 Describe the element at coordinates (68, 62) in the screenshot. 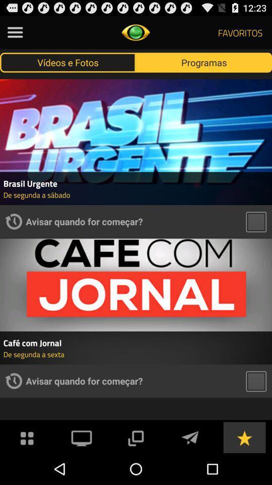

I see `the icon to the left of the programas` at that location.